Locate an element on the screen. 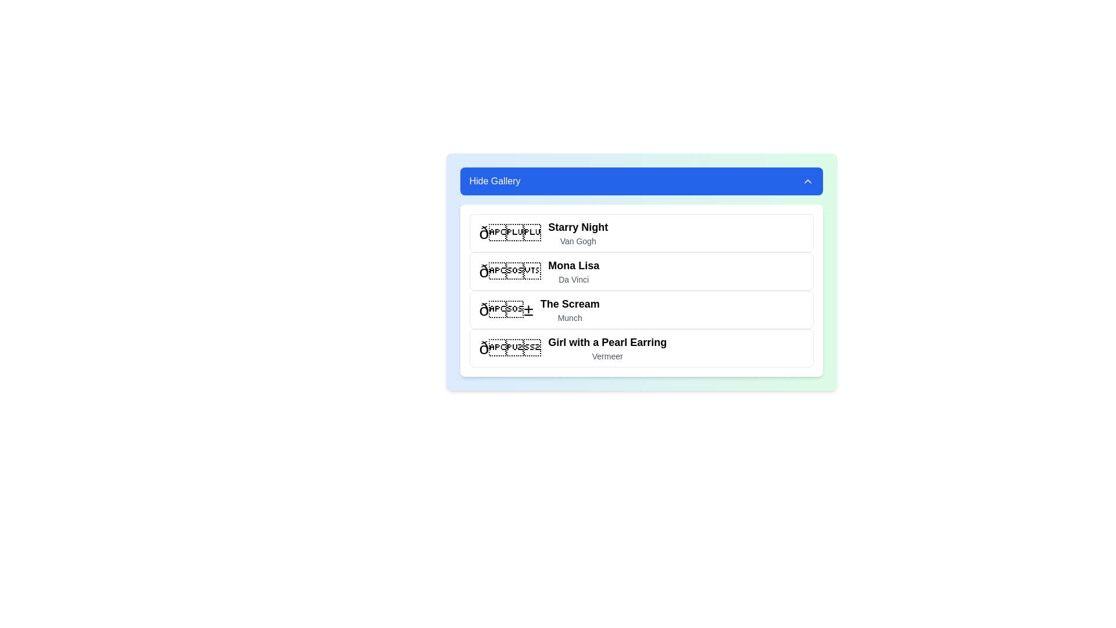  the static text label 'The Scream' which is styled as a header and located at the top of the textual block in the central area of the interface is located at coordinates (570, 304).